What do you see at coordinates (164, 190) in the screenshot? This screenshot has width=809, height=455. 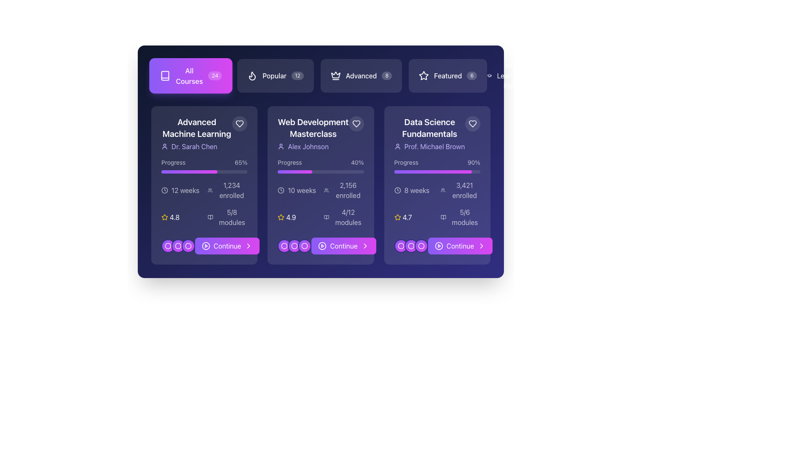 I see `the duration indicator icon (circle representation) located in the leftmost card under the 'Advanced Machine Learning' category, next to the text '12 weeks'` at bounding box center [164, 190].